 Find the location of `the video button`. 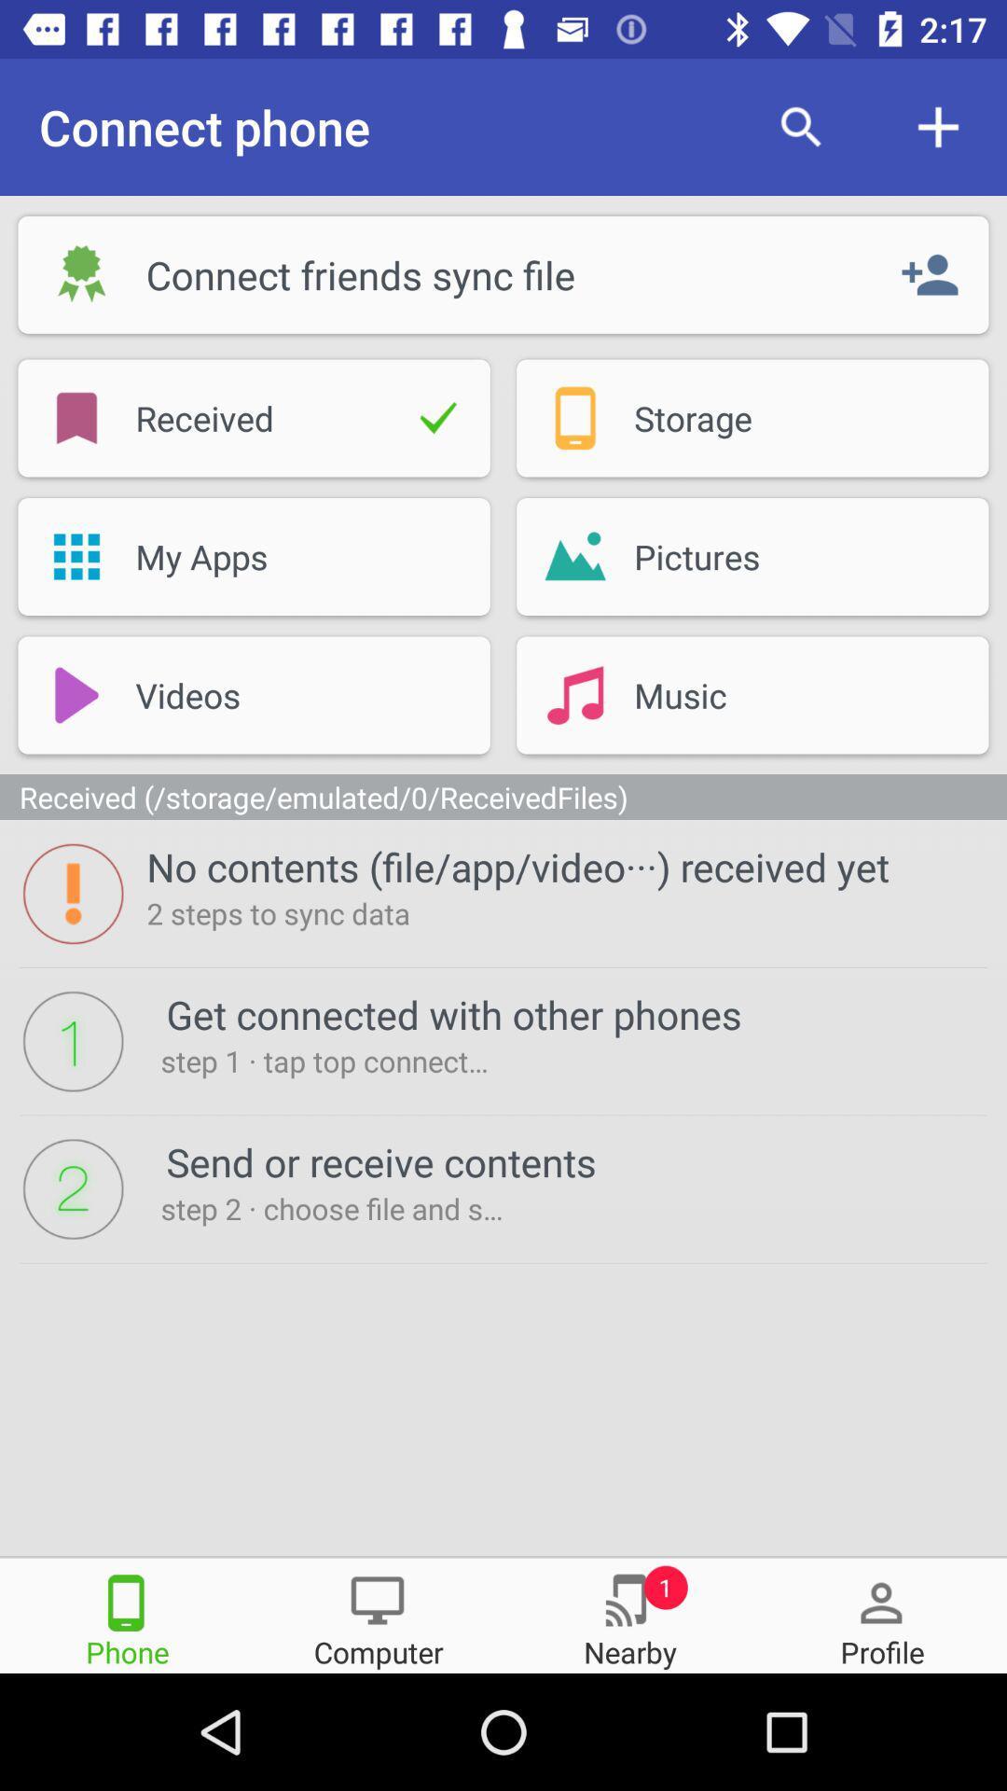

the video button is located at coordinates (255, 694).